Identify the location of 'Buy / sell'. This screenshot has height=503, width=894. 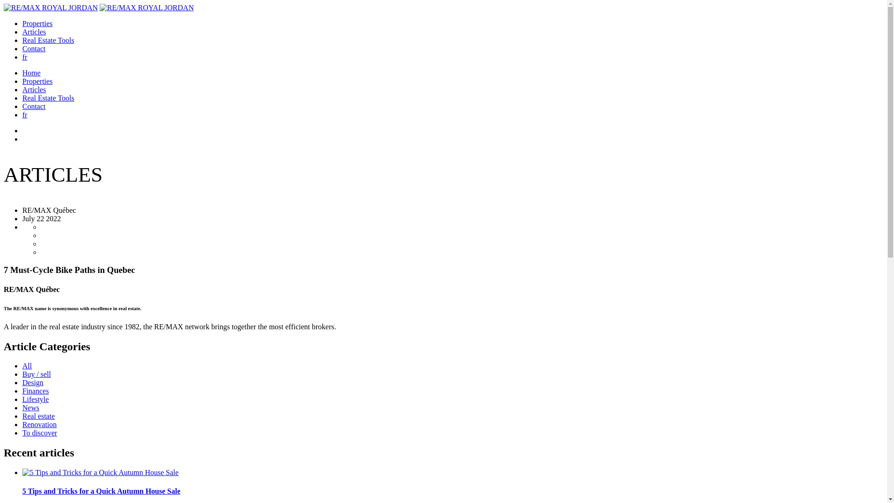
(36, 374).